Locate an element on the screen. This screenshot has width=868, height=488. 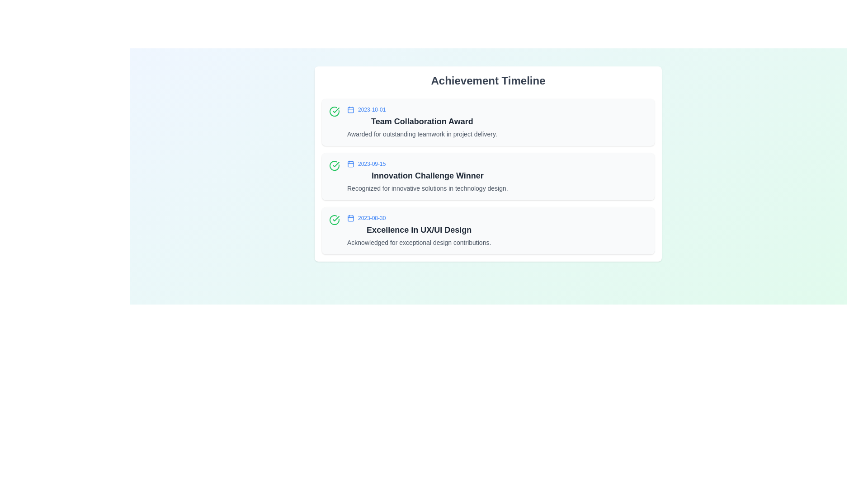
the calendar icon decoration element, which is a small rectangular section with rounded corners located within the second timeline entry of the calendar icon is located at coordinates (350, 164).